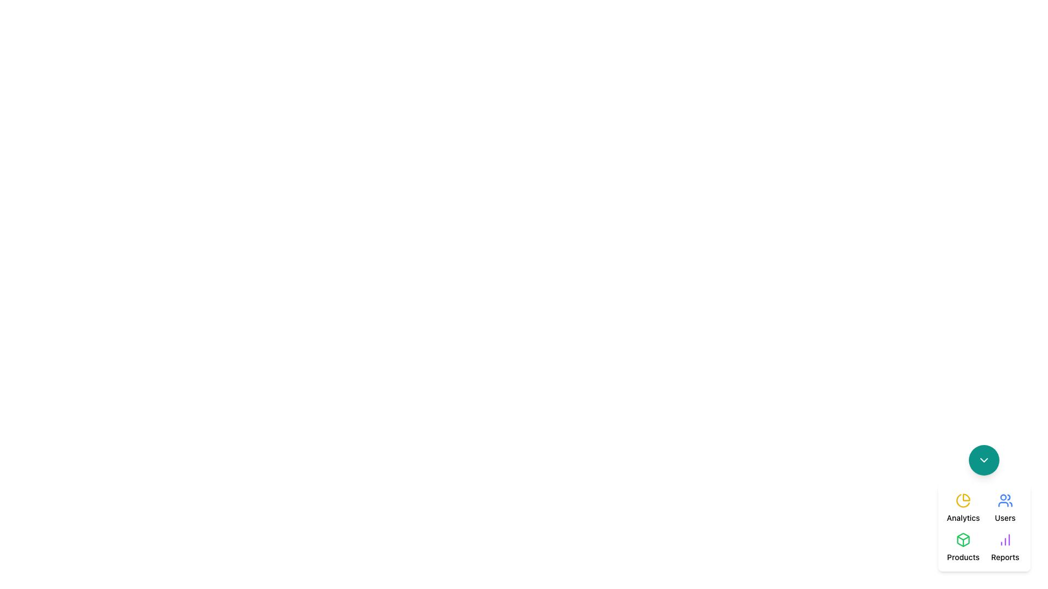 The height and width of the screenshot is (589, 1048). Describe the element at coordinates (963, 540) in the screenshot. I see `the Products icon located at the lower-right corner of the interface` at that location.